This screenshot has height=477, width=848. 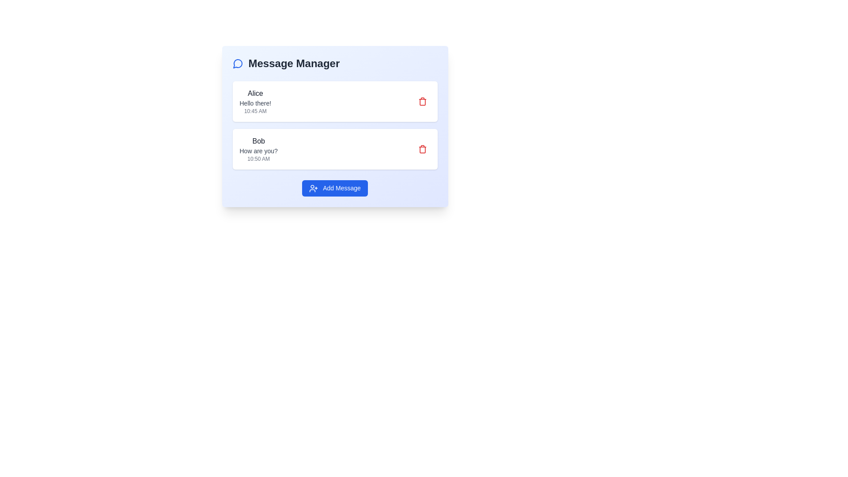 I want to click on Text Label element displaying 'Alice', which is a medium-weight, dark gray header located in the 'Message Manager' section, above the text 'Hello there!' and '10:45 AM', so click(x=255, y=94).